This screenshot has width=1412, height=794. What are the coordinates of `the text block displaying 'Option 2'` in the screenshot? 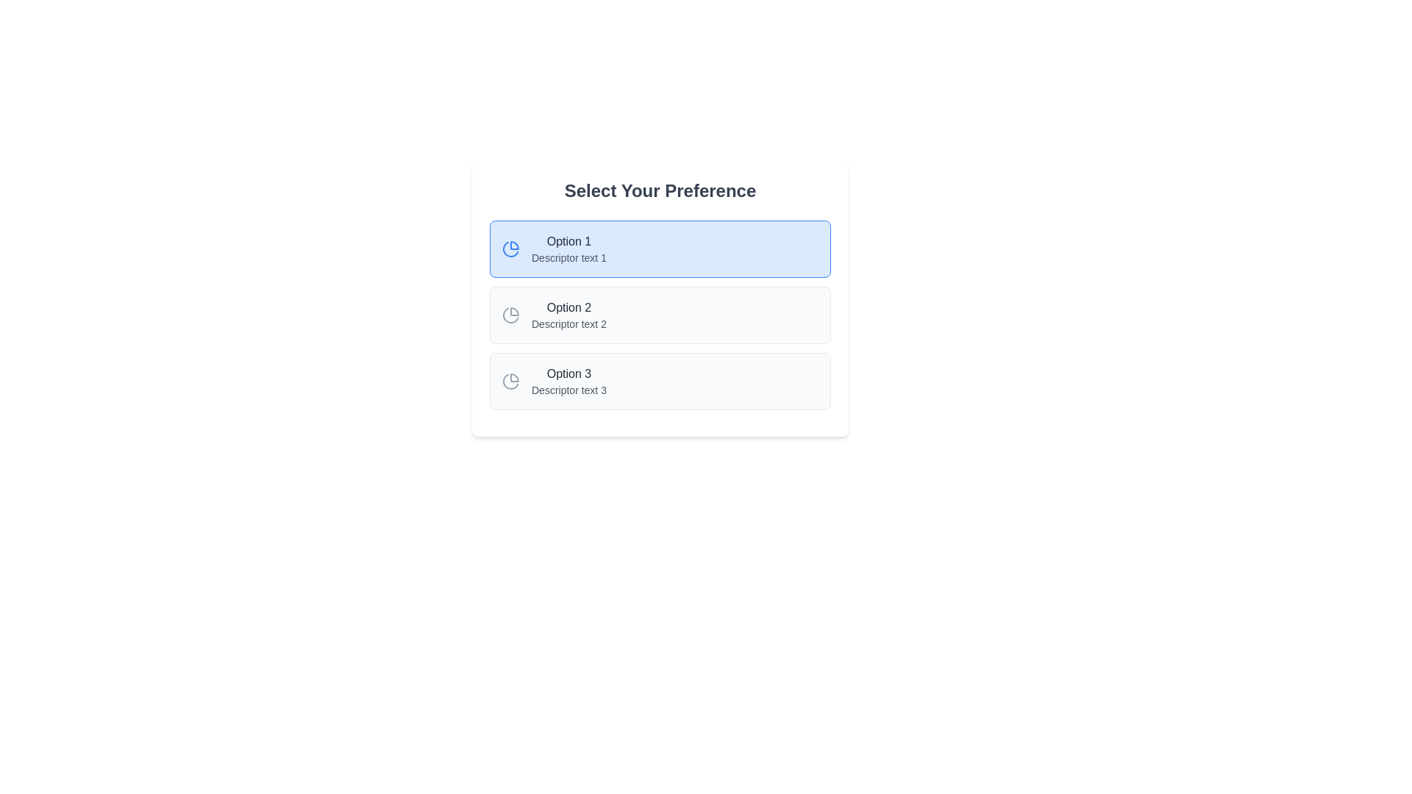 It's located at (568, 314).